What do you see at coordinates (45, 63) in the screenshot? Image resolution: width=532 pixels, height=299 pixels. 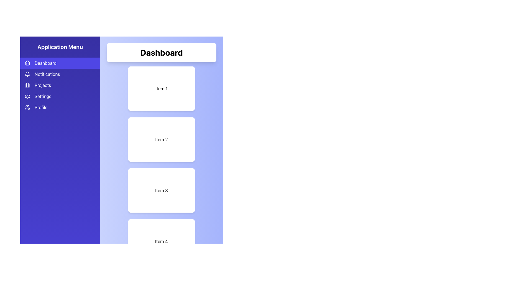 I see `the 'Dashboard' static text label in the left sidebar menu to indicate the current view` at bounding box center [45, 63].